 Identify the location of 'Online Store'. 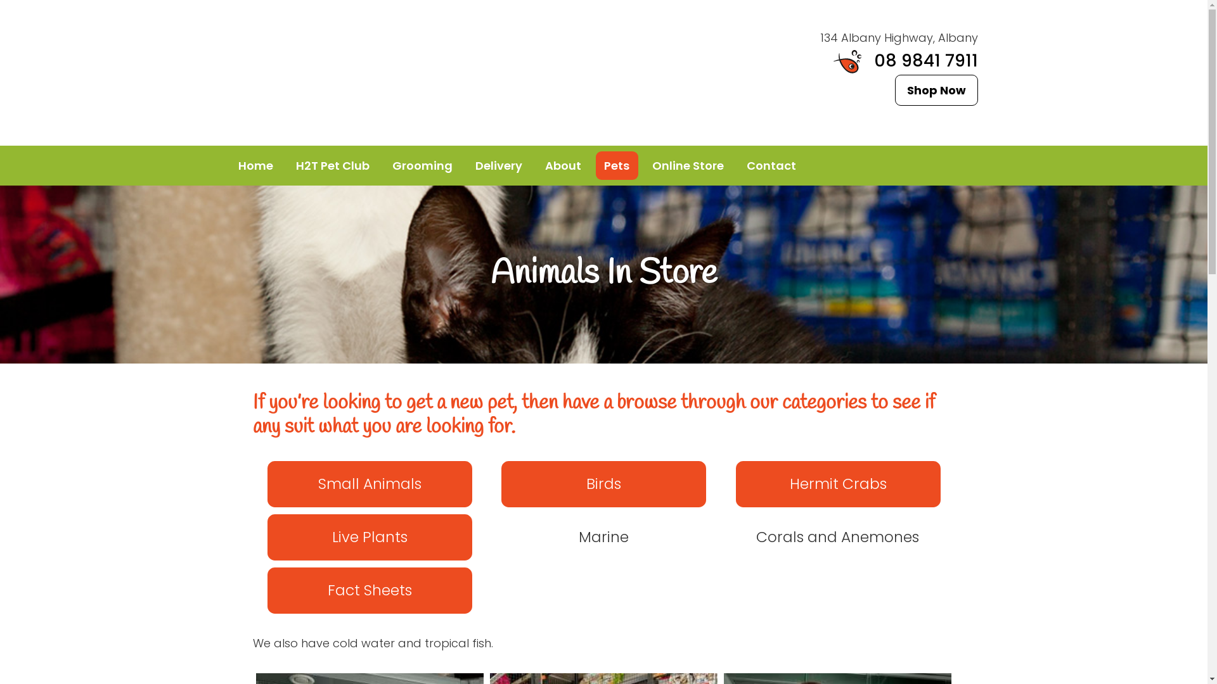
(687, 165).